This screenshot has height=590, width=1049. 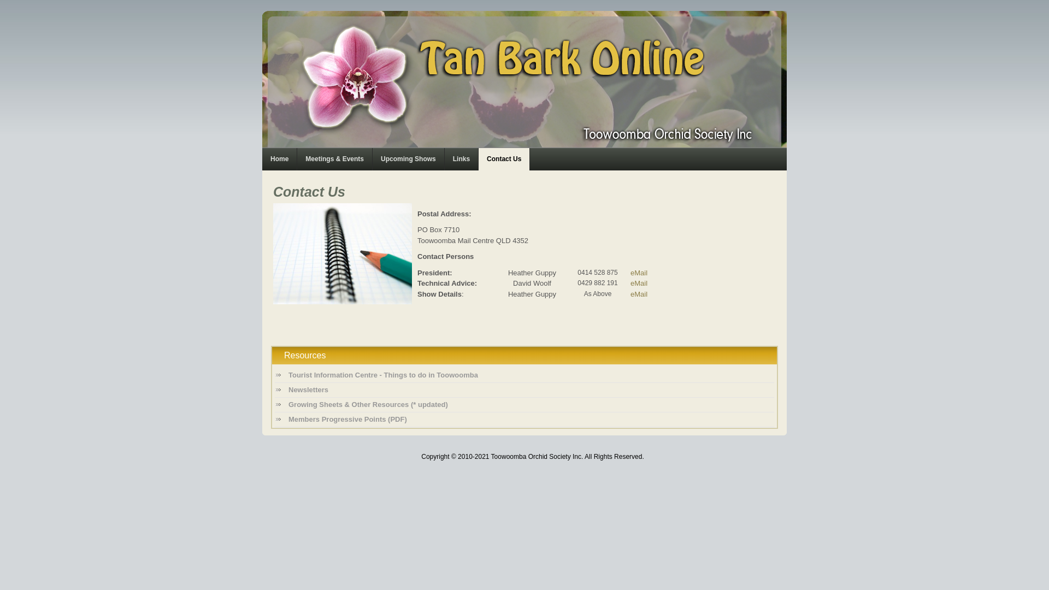 What do you see at coordinates (524, 418) in the screenshot?
I see `'Members Progressive Points (PDF)'` at bounding box center [524, 418].